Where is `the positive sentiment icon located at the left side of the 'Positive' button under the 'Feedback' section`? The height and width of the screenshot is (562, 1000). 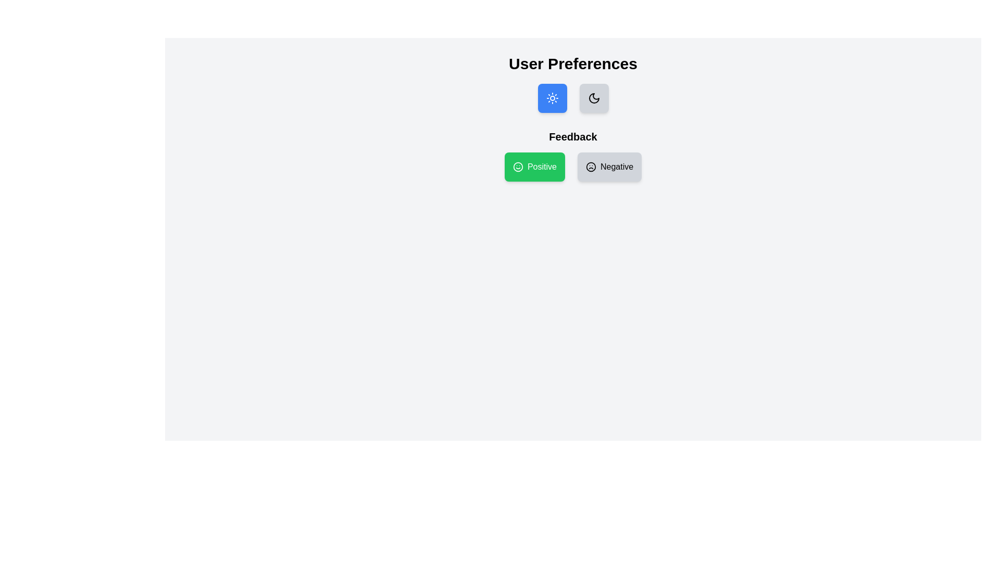 the positive sentiment icon located at the left side of the 'Positive' button under the 'Feedback' section is located at coordinates (518, 166).